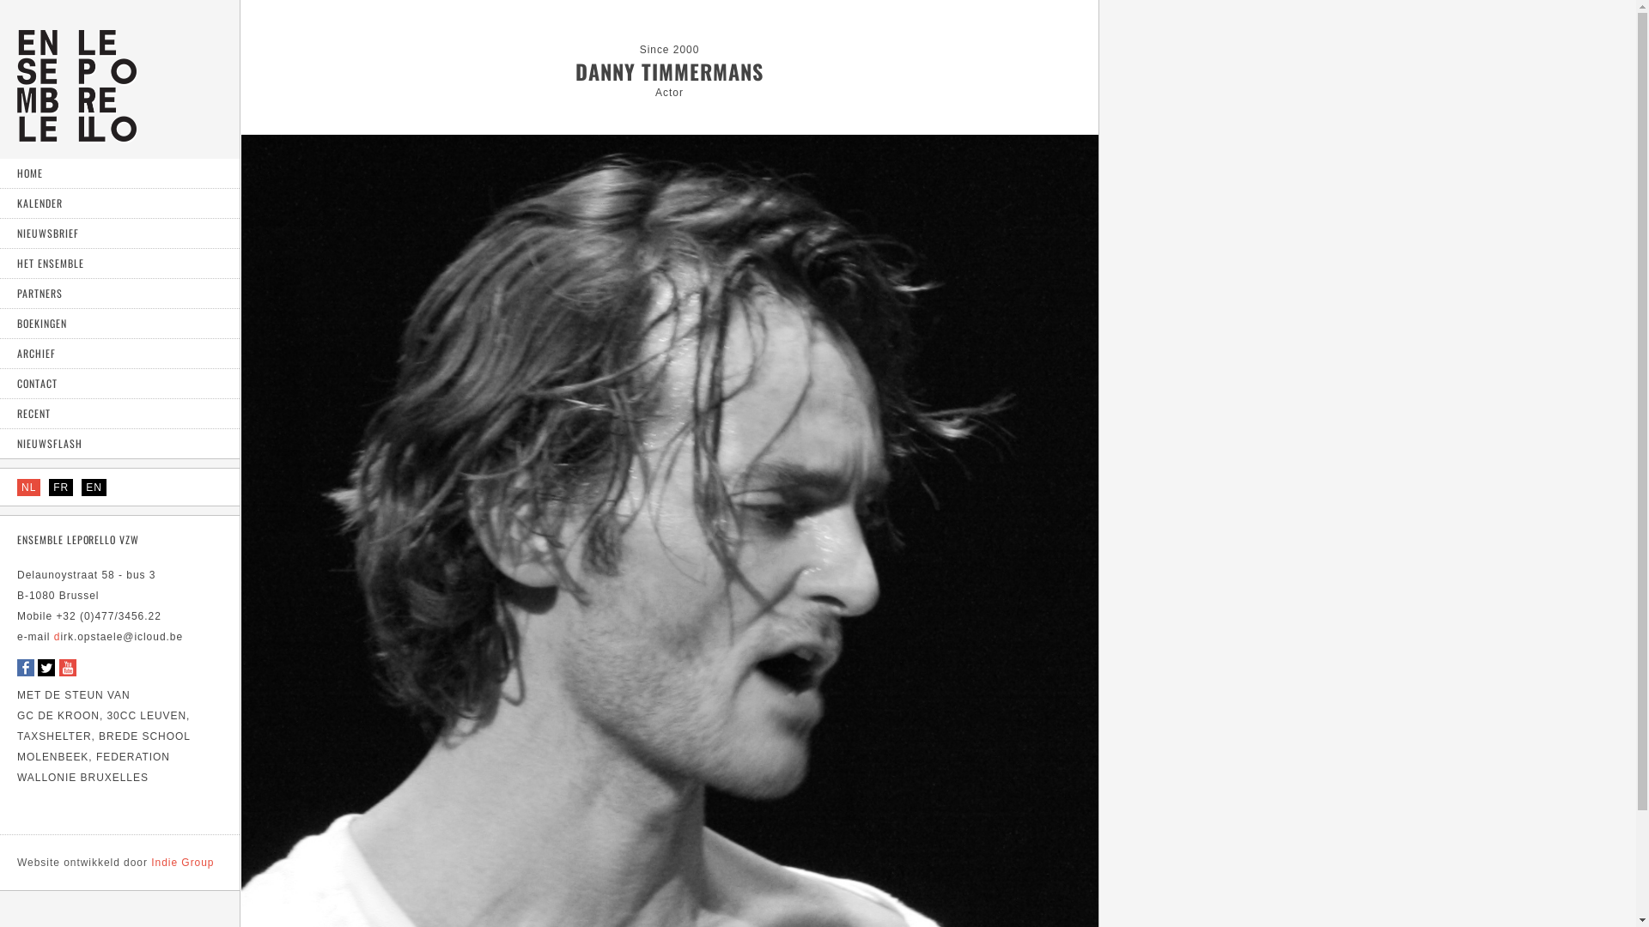 The height and width of the screenshot is (927, 1649). What do you see at coordinates (119, 383) in the screenshot?
I see `'CONTACT'` at bounding box center [119, 383].